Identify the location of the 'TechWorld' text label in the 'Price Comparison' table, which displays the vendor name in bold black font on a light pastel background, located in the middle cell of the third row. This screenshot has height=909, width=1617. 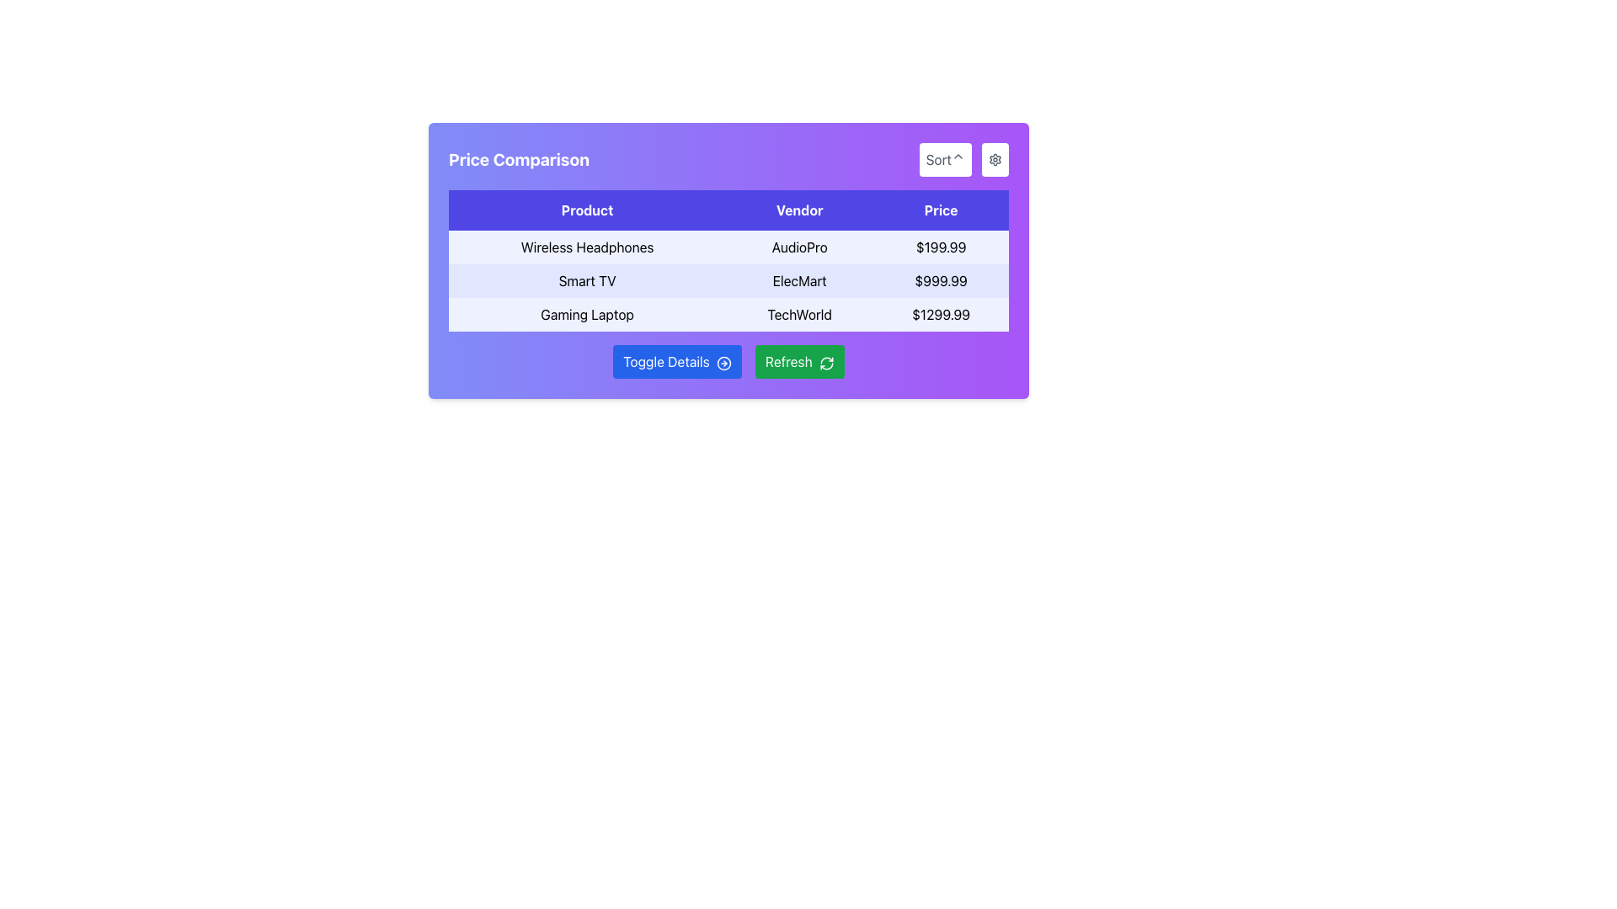
(798, 315).